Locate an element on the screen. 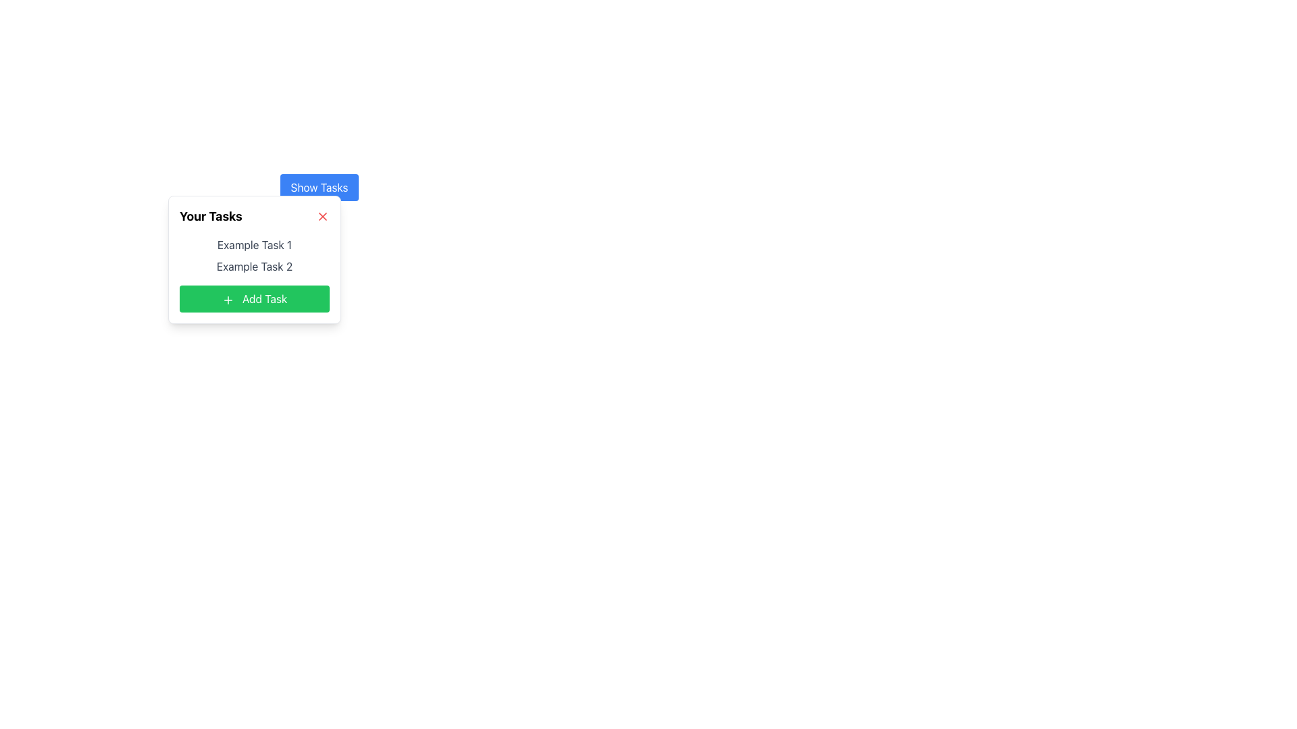  the blue button labeled 'Show Tasks' to change its visual state is located at coordinates (319, 187).